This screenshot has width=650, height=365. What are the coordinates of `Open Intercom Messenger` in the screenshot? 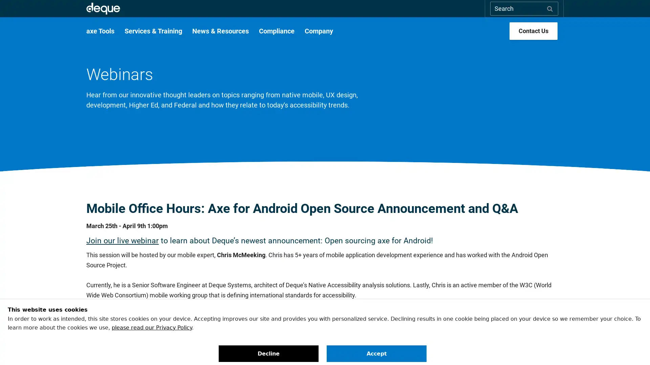 It's located at (633, 348).